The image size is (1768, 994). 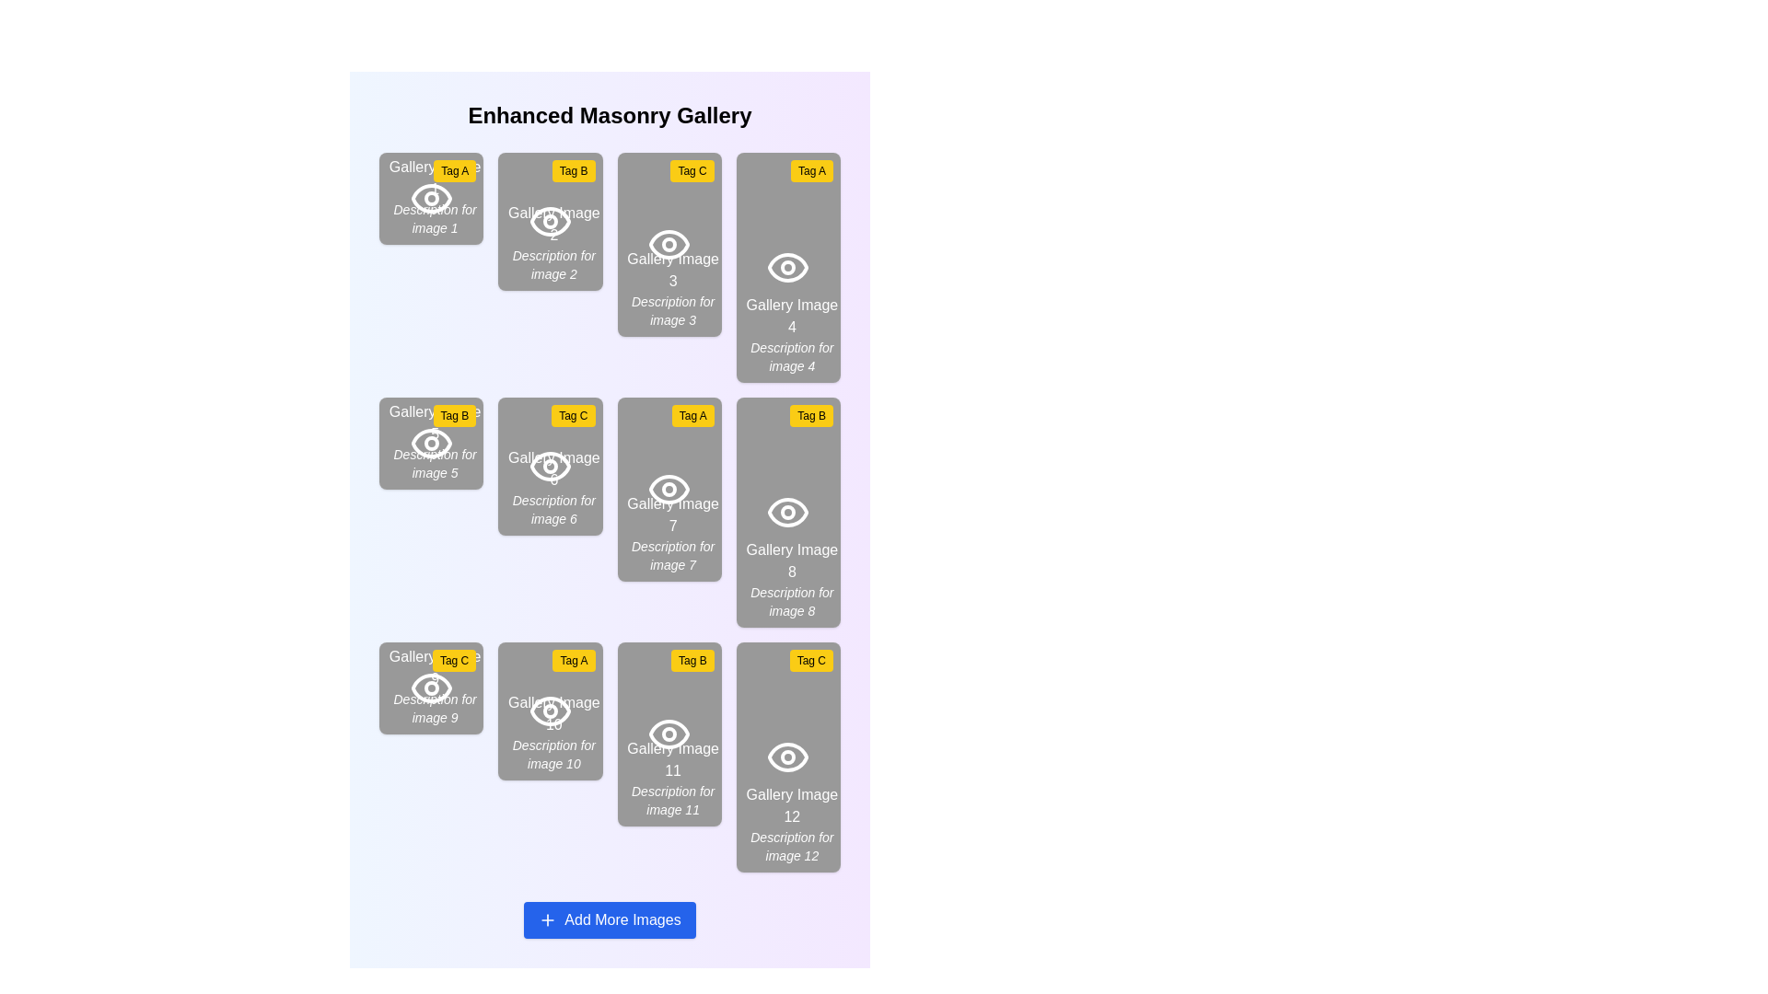 I want to click on the text label serving as the title for gallery image 7, located in the third row, second column of the gallery grid, so click(x=672, y=514).